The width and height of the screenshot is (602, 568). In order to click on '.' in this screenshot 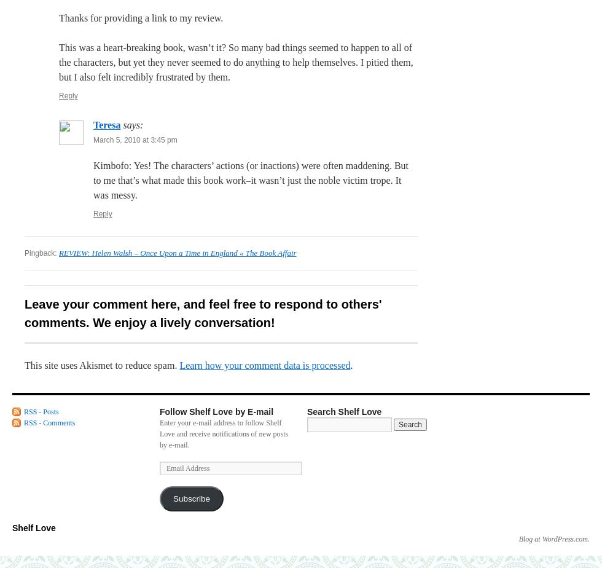, I will do `click(351, 365)`.